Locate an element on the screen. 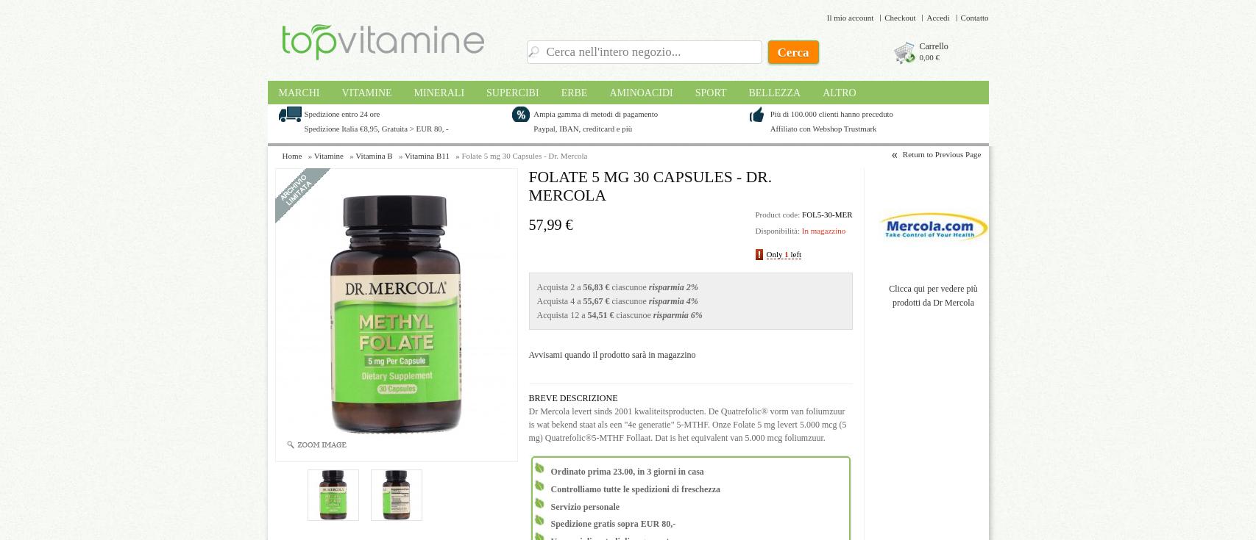  'Spedizione Italia €8,95, Gratuita > EUR 80, -' is located at coordinates (376, 129).